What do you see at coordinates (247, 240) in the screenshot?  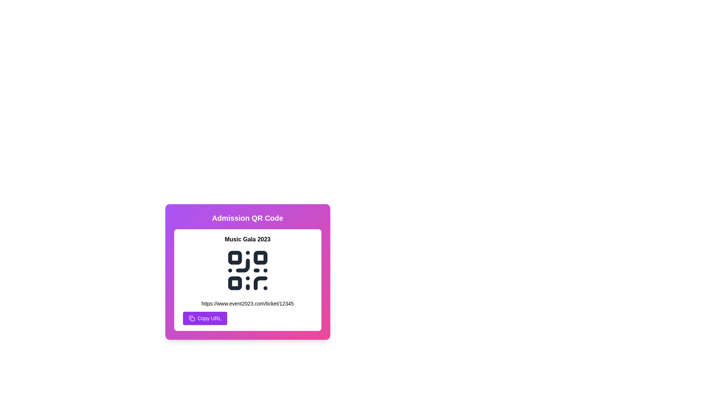 I see `the Text Label that identifies the QR code section, located between the header 'Admission QR Code' and the QR code graphic` at bounding box center [247, 240].